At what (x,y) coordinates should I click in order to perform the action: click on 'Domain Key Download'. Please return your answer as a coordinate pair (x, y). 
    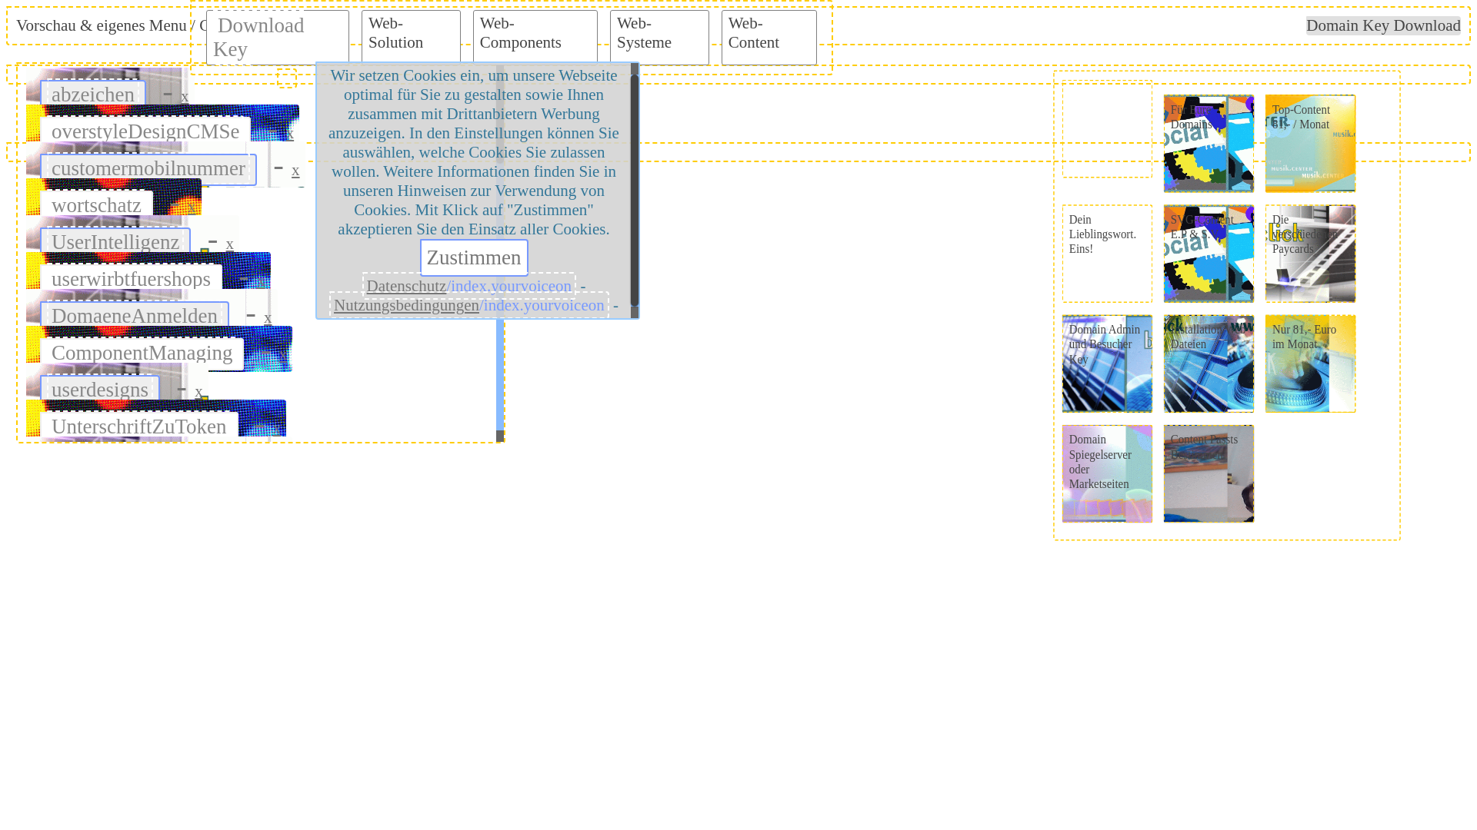
    Looking at the image, I should click on (1383, 25).